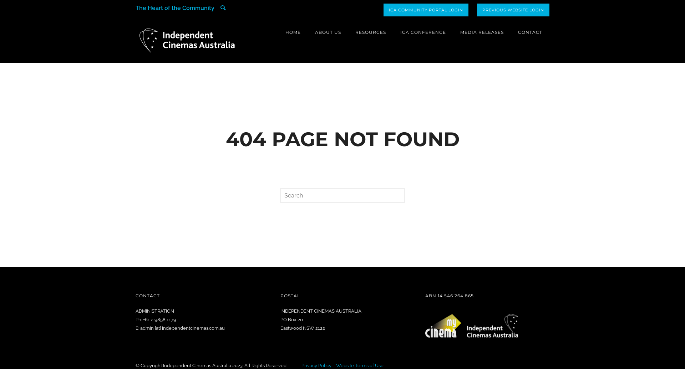  I want to click on 'RESOURCES', so click(370, 32).